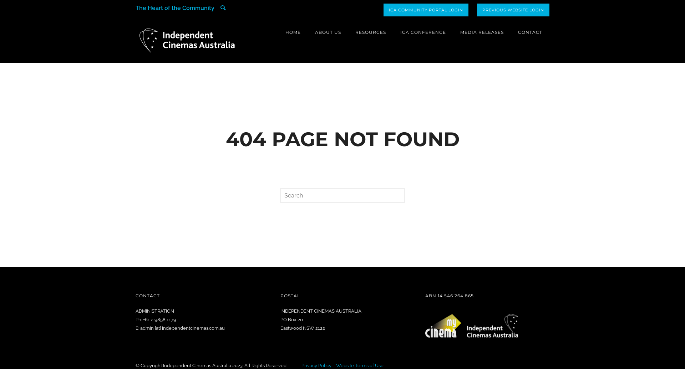  I want to click on 'RESOURCES', so click(370, 32).